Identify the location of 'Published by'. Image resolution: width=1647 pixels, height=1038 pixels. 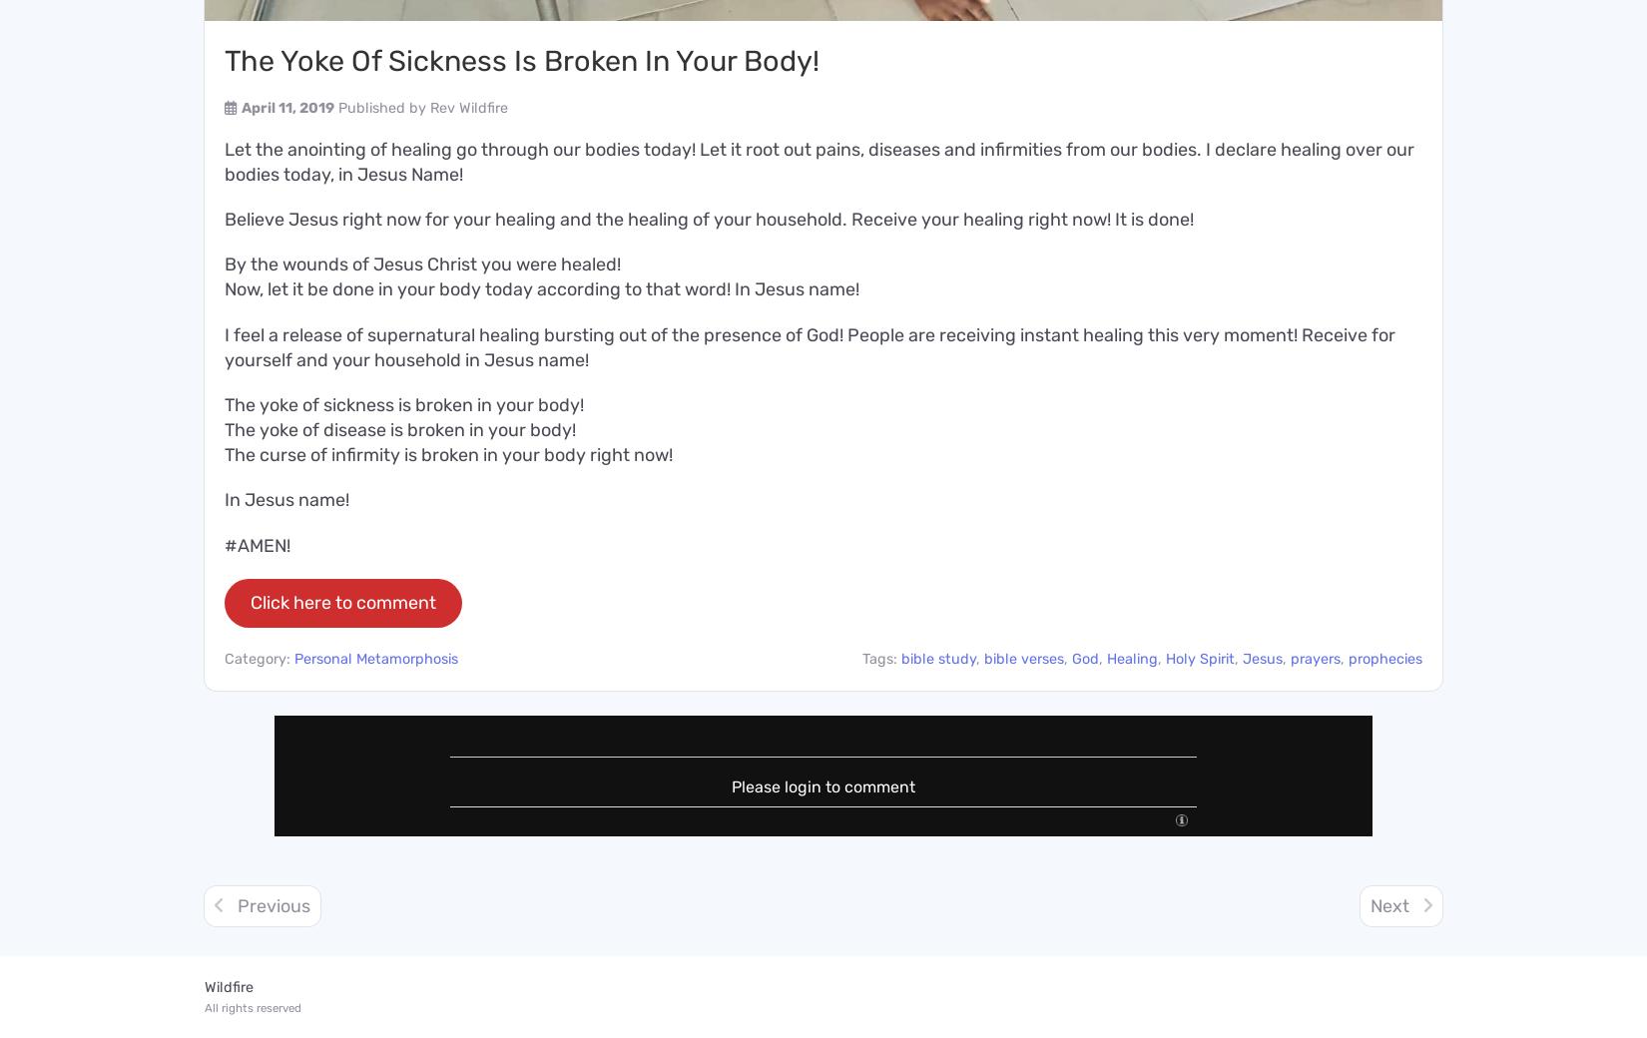
(338, 107).